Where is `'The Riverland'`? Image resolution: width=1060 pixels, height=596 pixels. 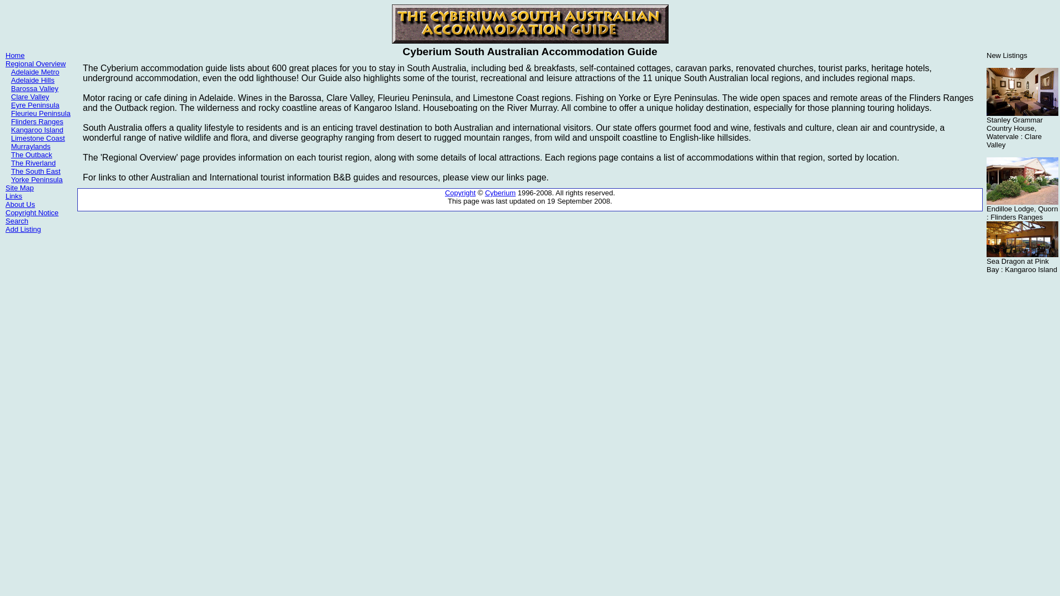
'The Riverland' is located at coordinates (33, 163).